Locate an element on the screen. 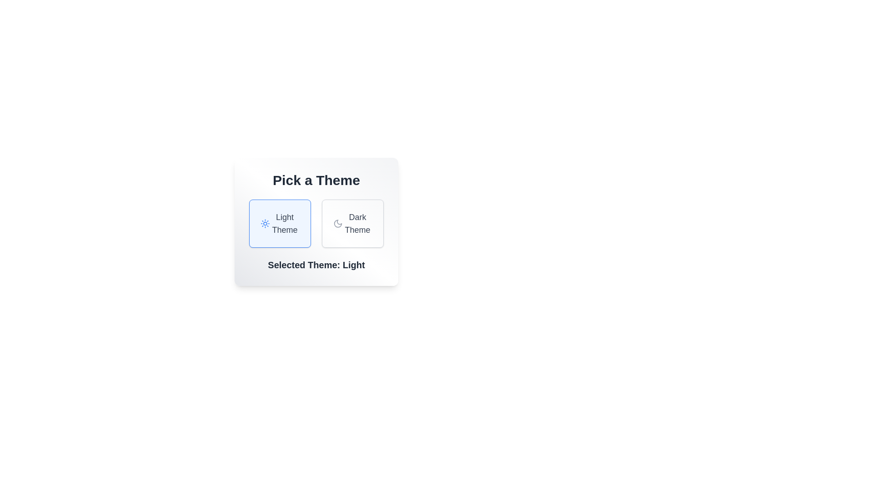 This screenshot has height=491, width=873. the 'Light Theme' selectable card, which features a sun icon and is located in the top left corner of the grid layout is located at coordinates (279, 224).